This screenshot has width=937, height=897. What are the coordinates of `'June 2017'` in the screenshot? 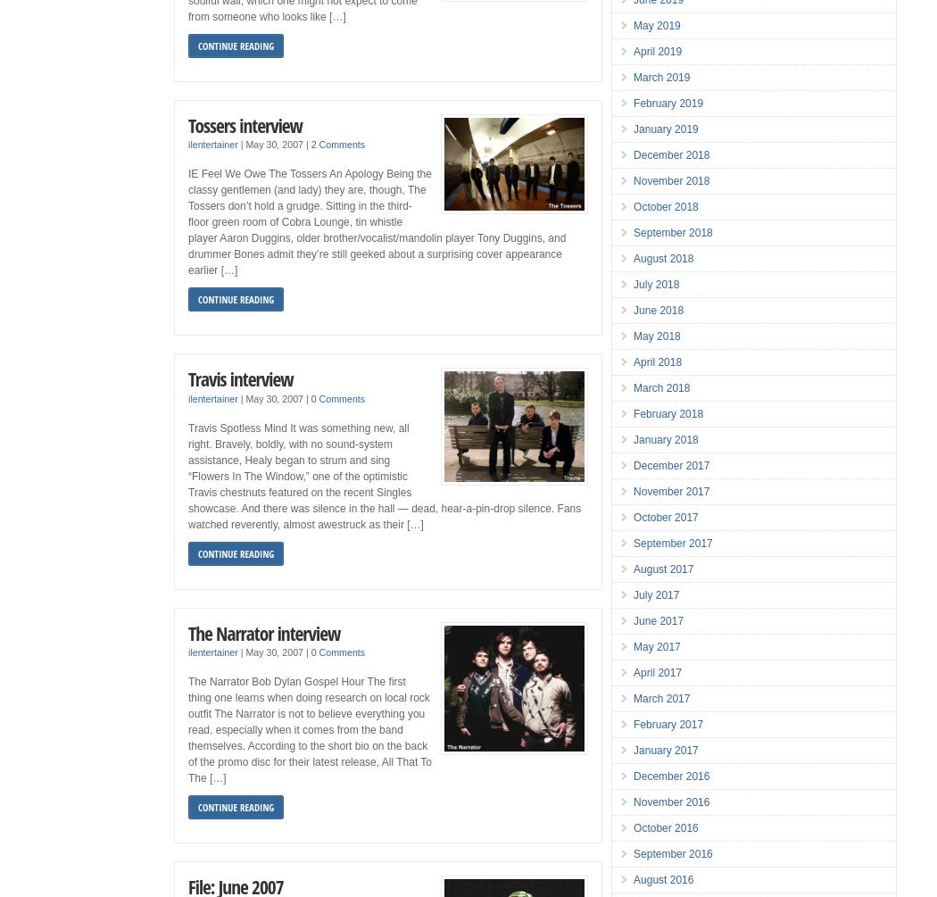 It's located at (634, 620).